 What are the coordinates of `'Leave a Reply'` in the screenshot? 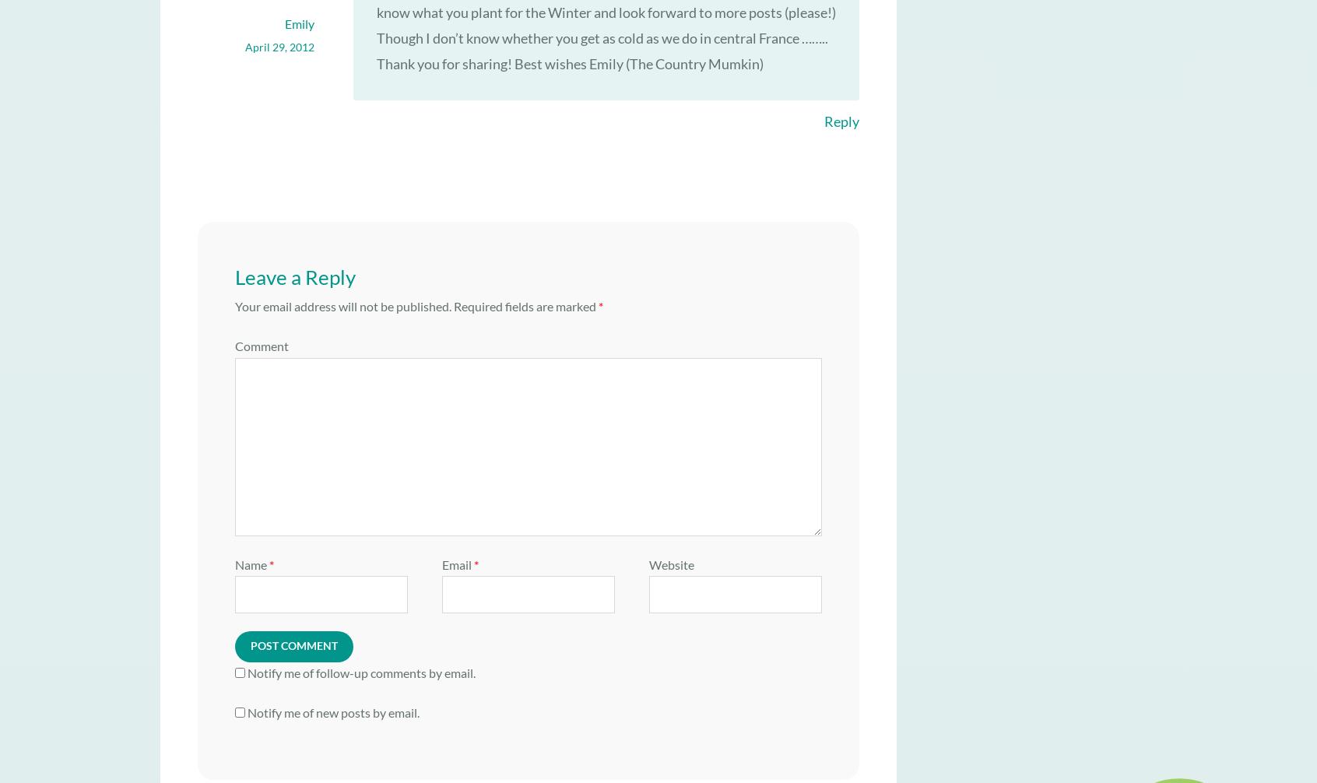 It's located at (295, 276).